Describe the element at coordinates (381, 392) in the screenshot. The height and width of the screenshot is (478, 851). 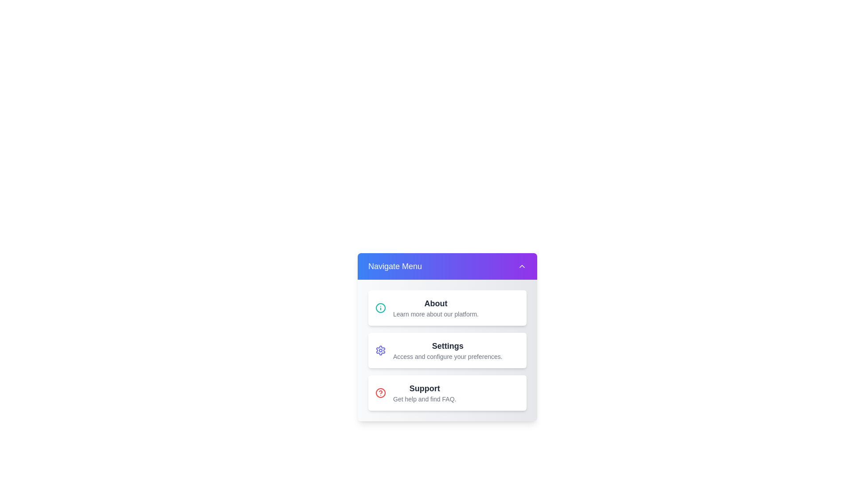
I see `the icon of the menu item labeled 'Support' to inspect it` at that location.